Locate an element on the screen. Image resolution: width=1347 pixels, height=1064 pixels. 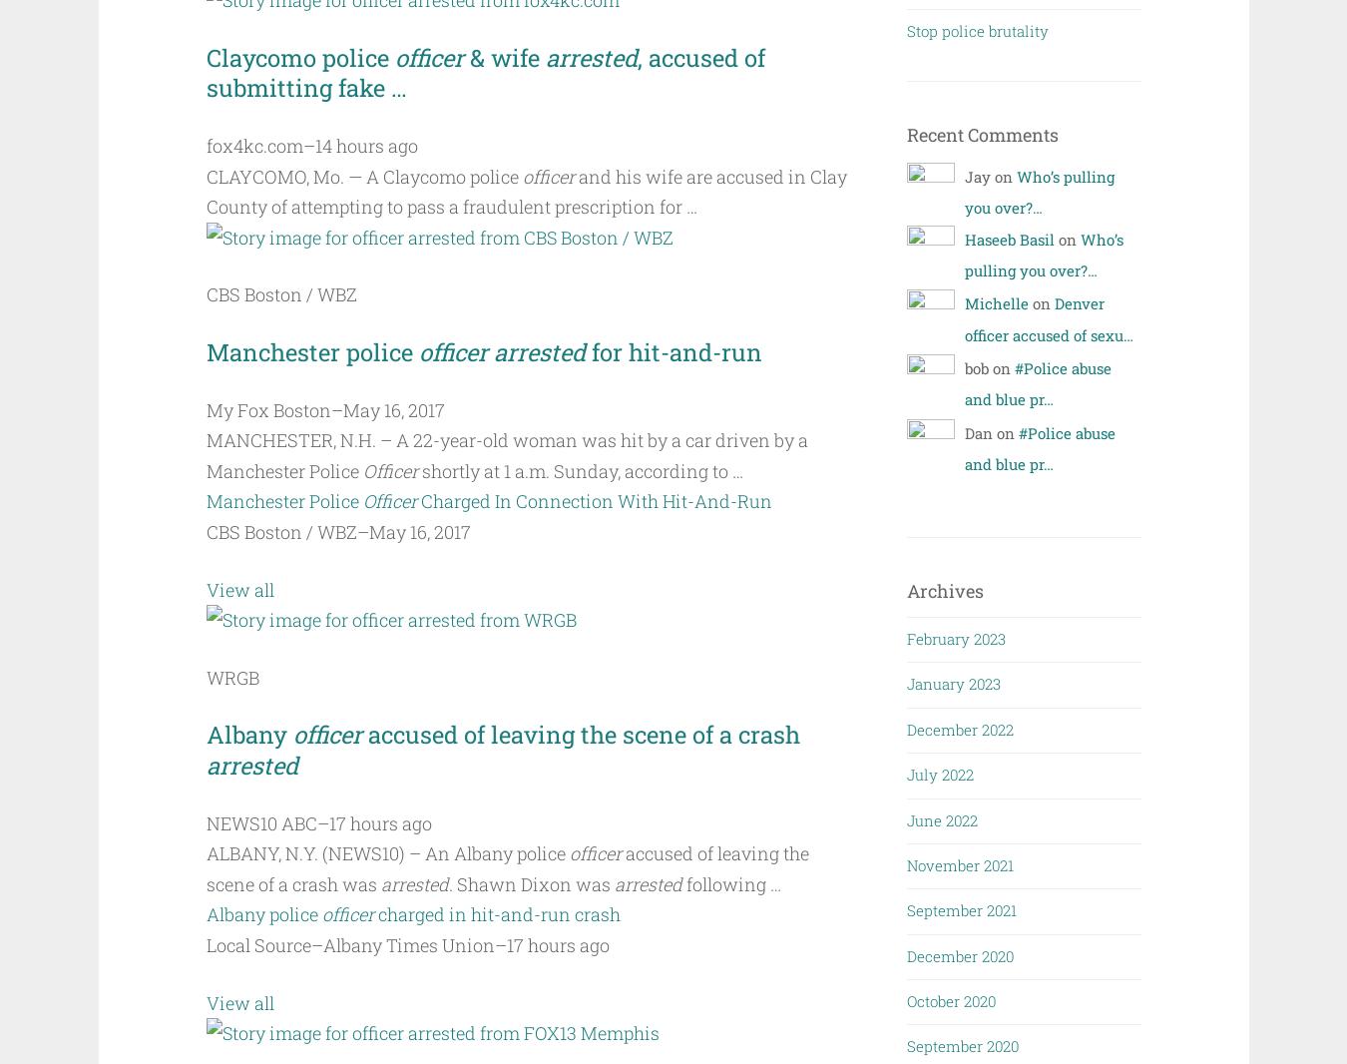
'Michelle' is located at coordinates (996, 303).